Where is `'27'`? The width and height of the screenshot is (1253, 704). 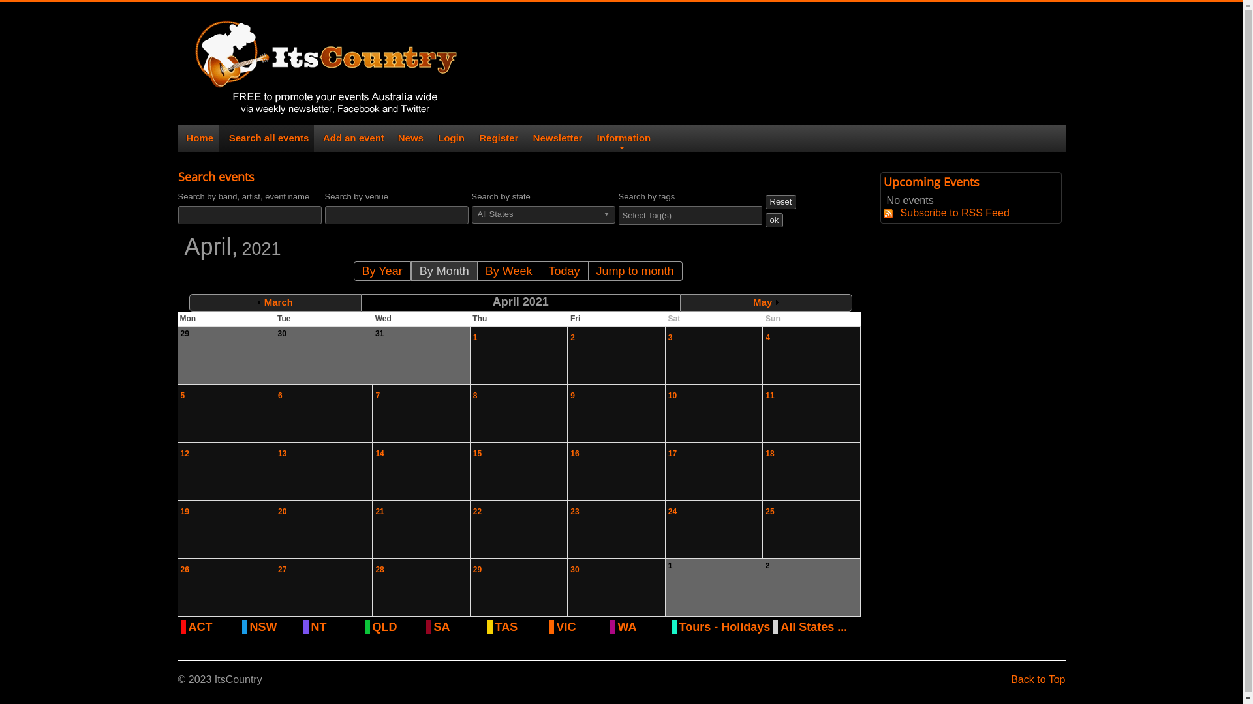
'27' is located at coordinates (281, 569).